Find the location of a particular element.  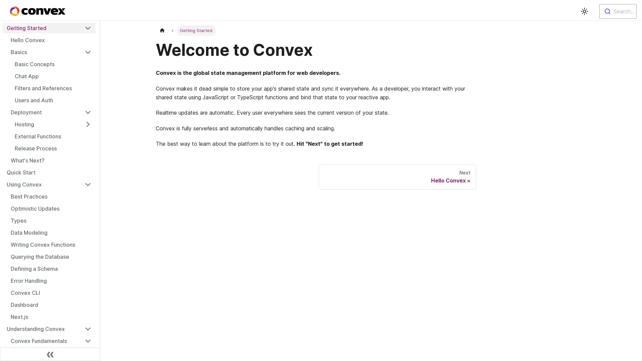

Toggle the collapsible sidebar category 'Using Convex' is located at coordinates (88, 184).